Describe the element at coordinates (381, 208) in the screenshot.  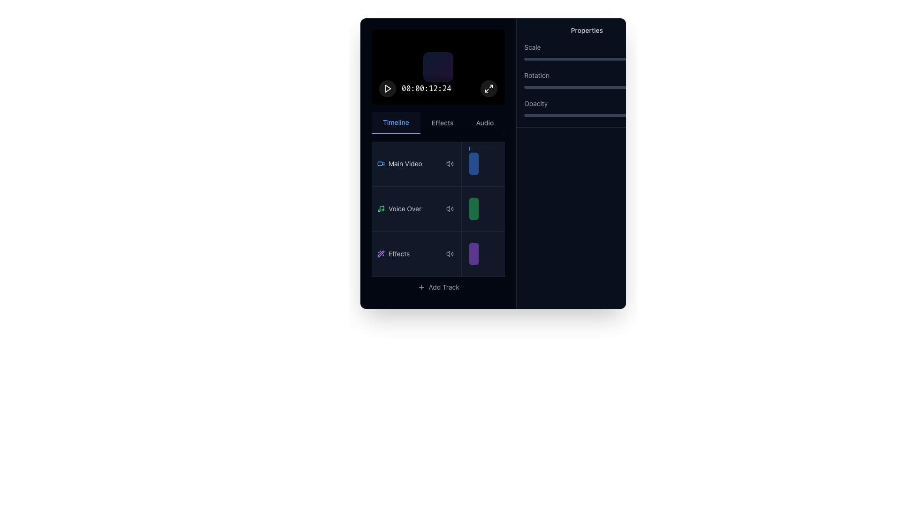
I see `the decorative icon representing the 'Voice Over' track in the second row of the 'Timeline' section, located to the left of the text 'Voice Over'` at that location.